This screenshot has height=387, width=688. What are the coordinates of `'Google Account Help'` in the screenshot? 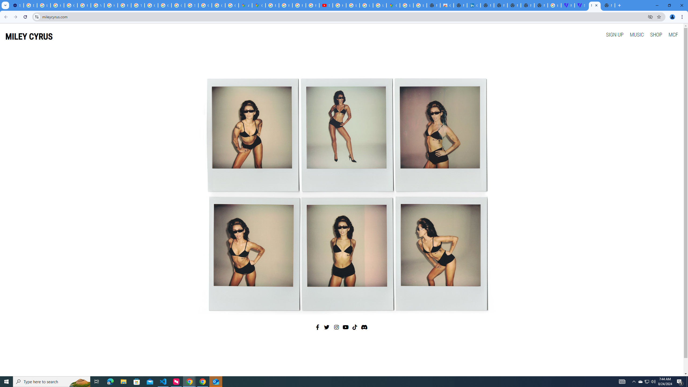 It's located at (70, 5).